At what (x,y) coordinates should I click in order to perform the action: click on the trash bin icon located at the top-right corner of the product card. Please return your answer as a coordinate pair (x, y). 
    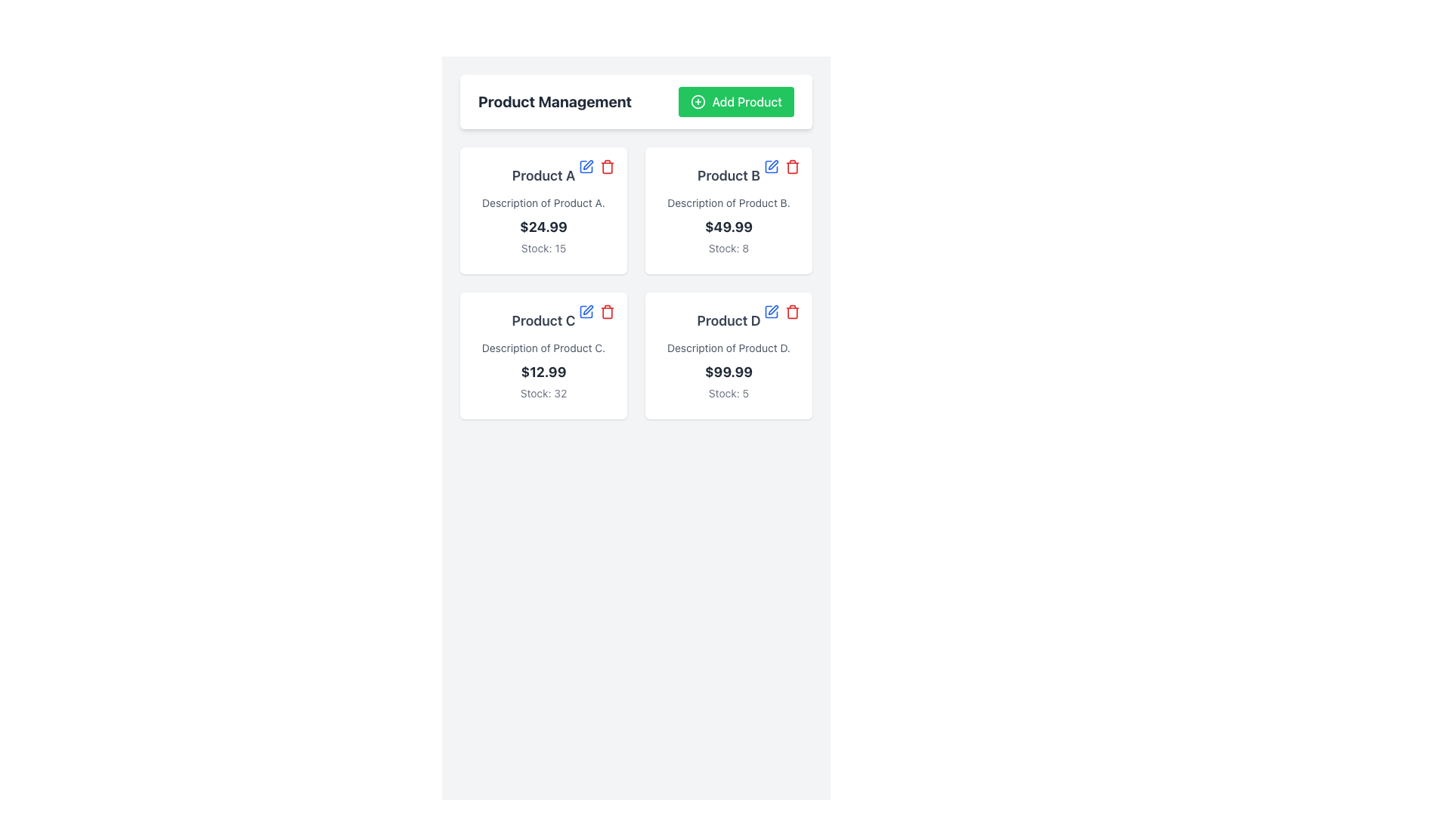
    Looking at the image, I should click on (792, 311).